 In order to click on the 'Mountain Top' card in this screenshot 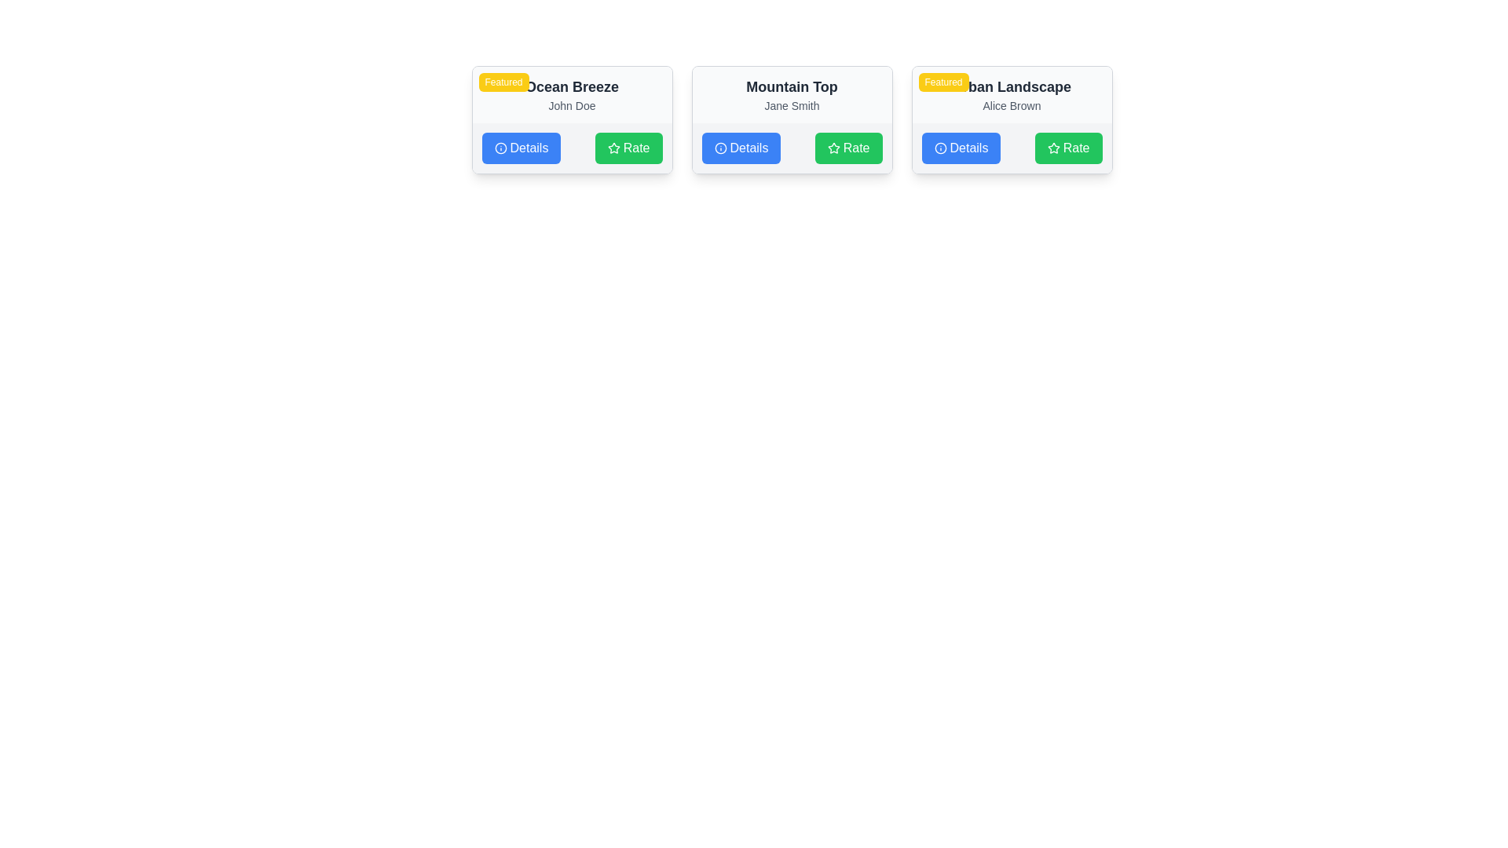, I will do `click(792, 119)`.